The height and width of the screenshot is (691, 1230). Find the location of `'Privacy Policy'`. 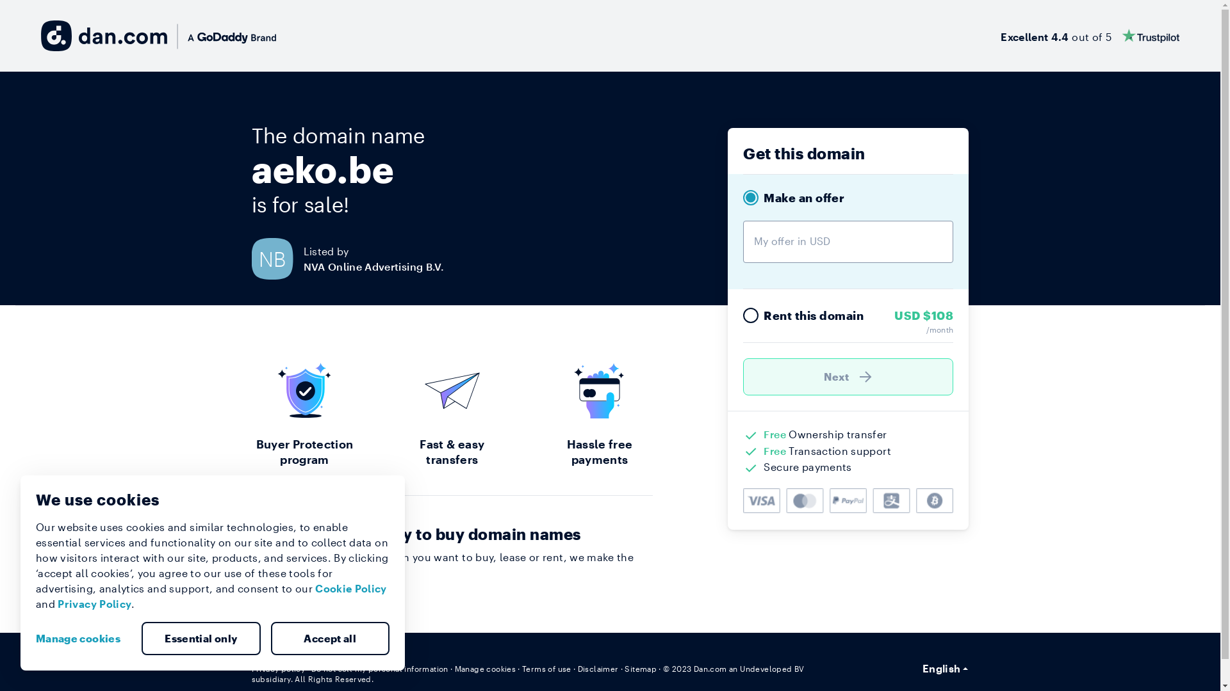

'Privacy Policy' is located at coordinates (94, 603).